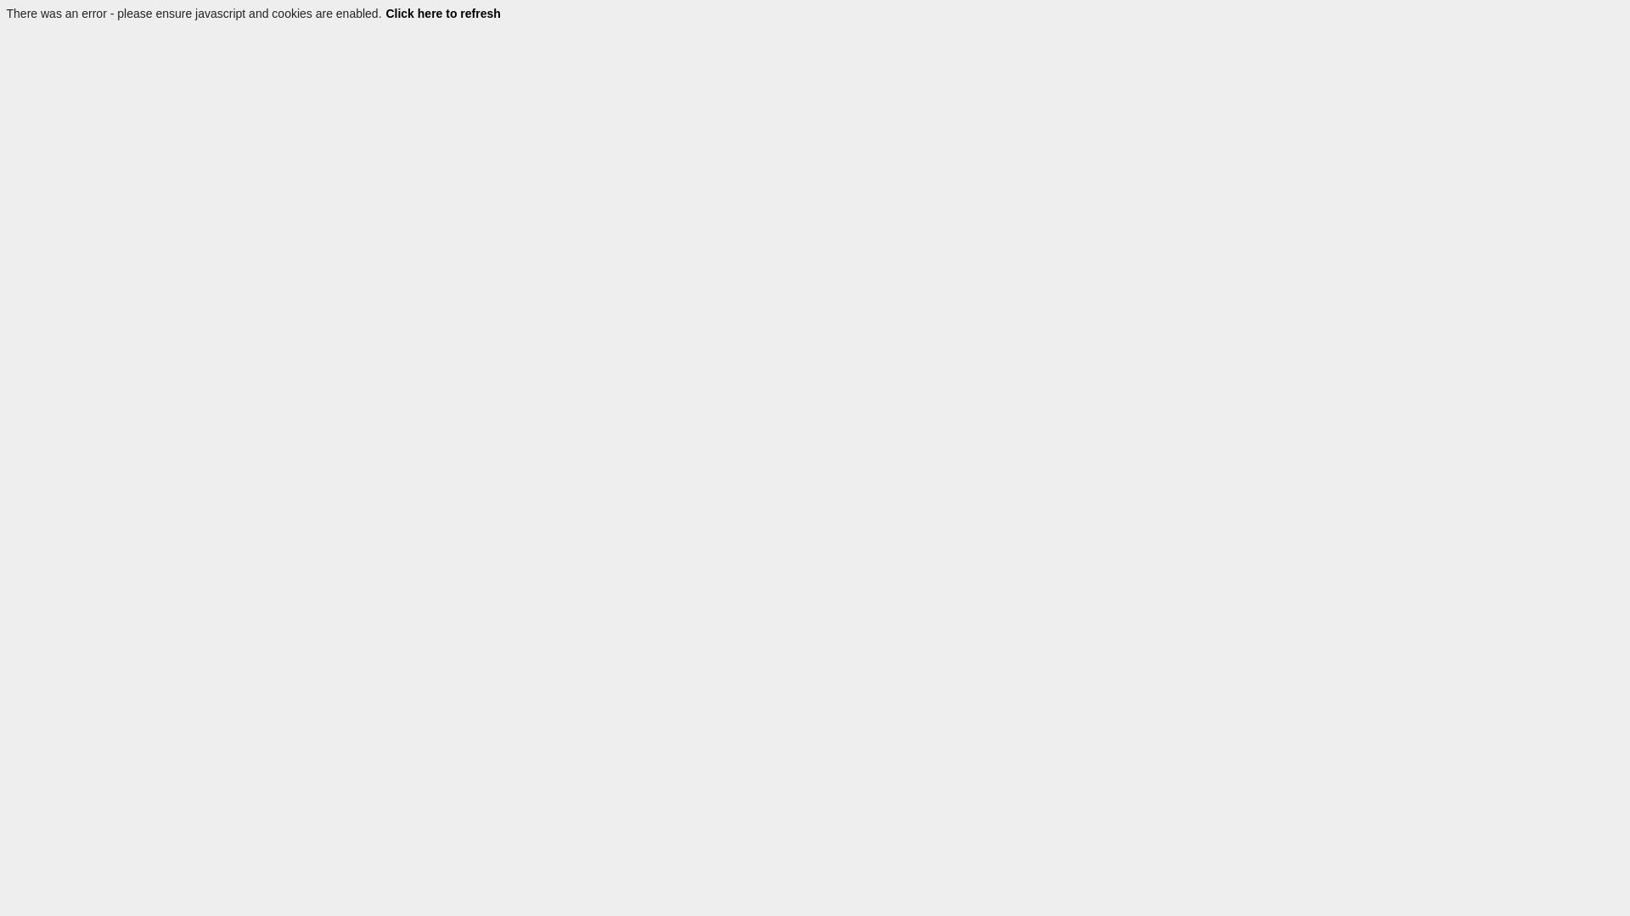  Describe the element at coordinates (383, 13) in the screenshot. I see `'Click here to refresh'` at that location.